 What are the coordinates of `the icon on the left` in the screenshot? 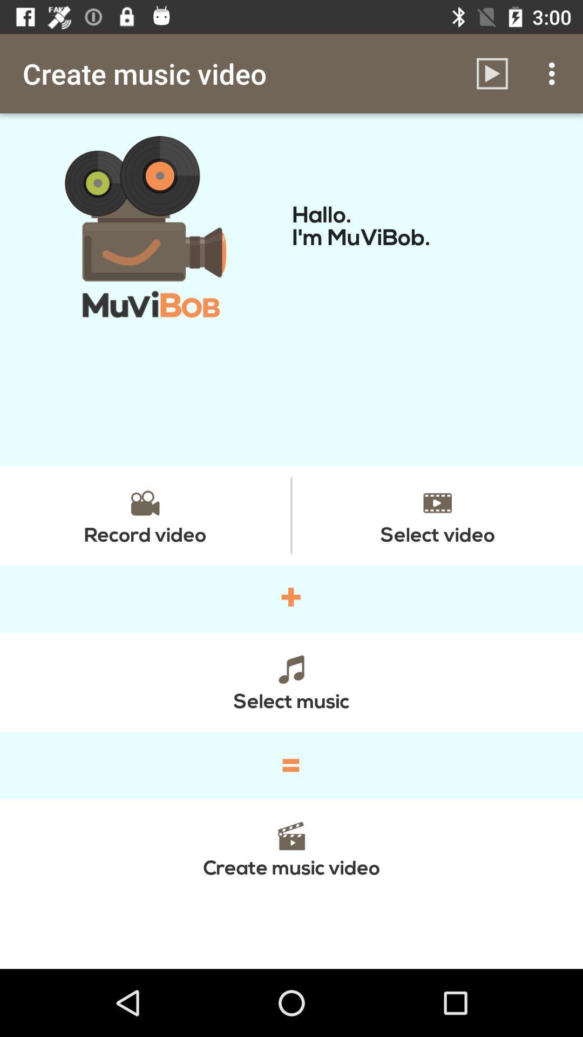 It's located at (145, 515).